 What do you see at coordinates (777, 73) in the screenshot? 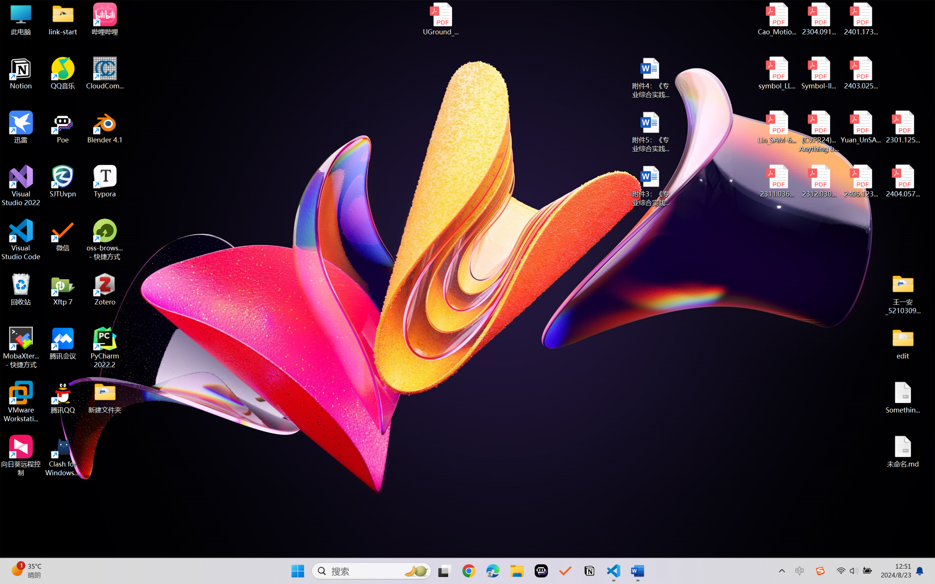
I see `'symbol_LLM.pdf'` at bounding box center [777, 73].